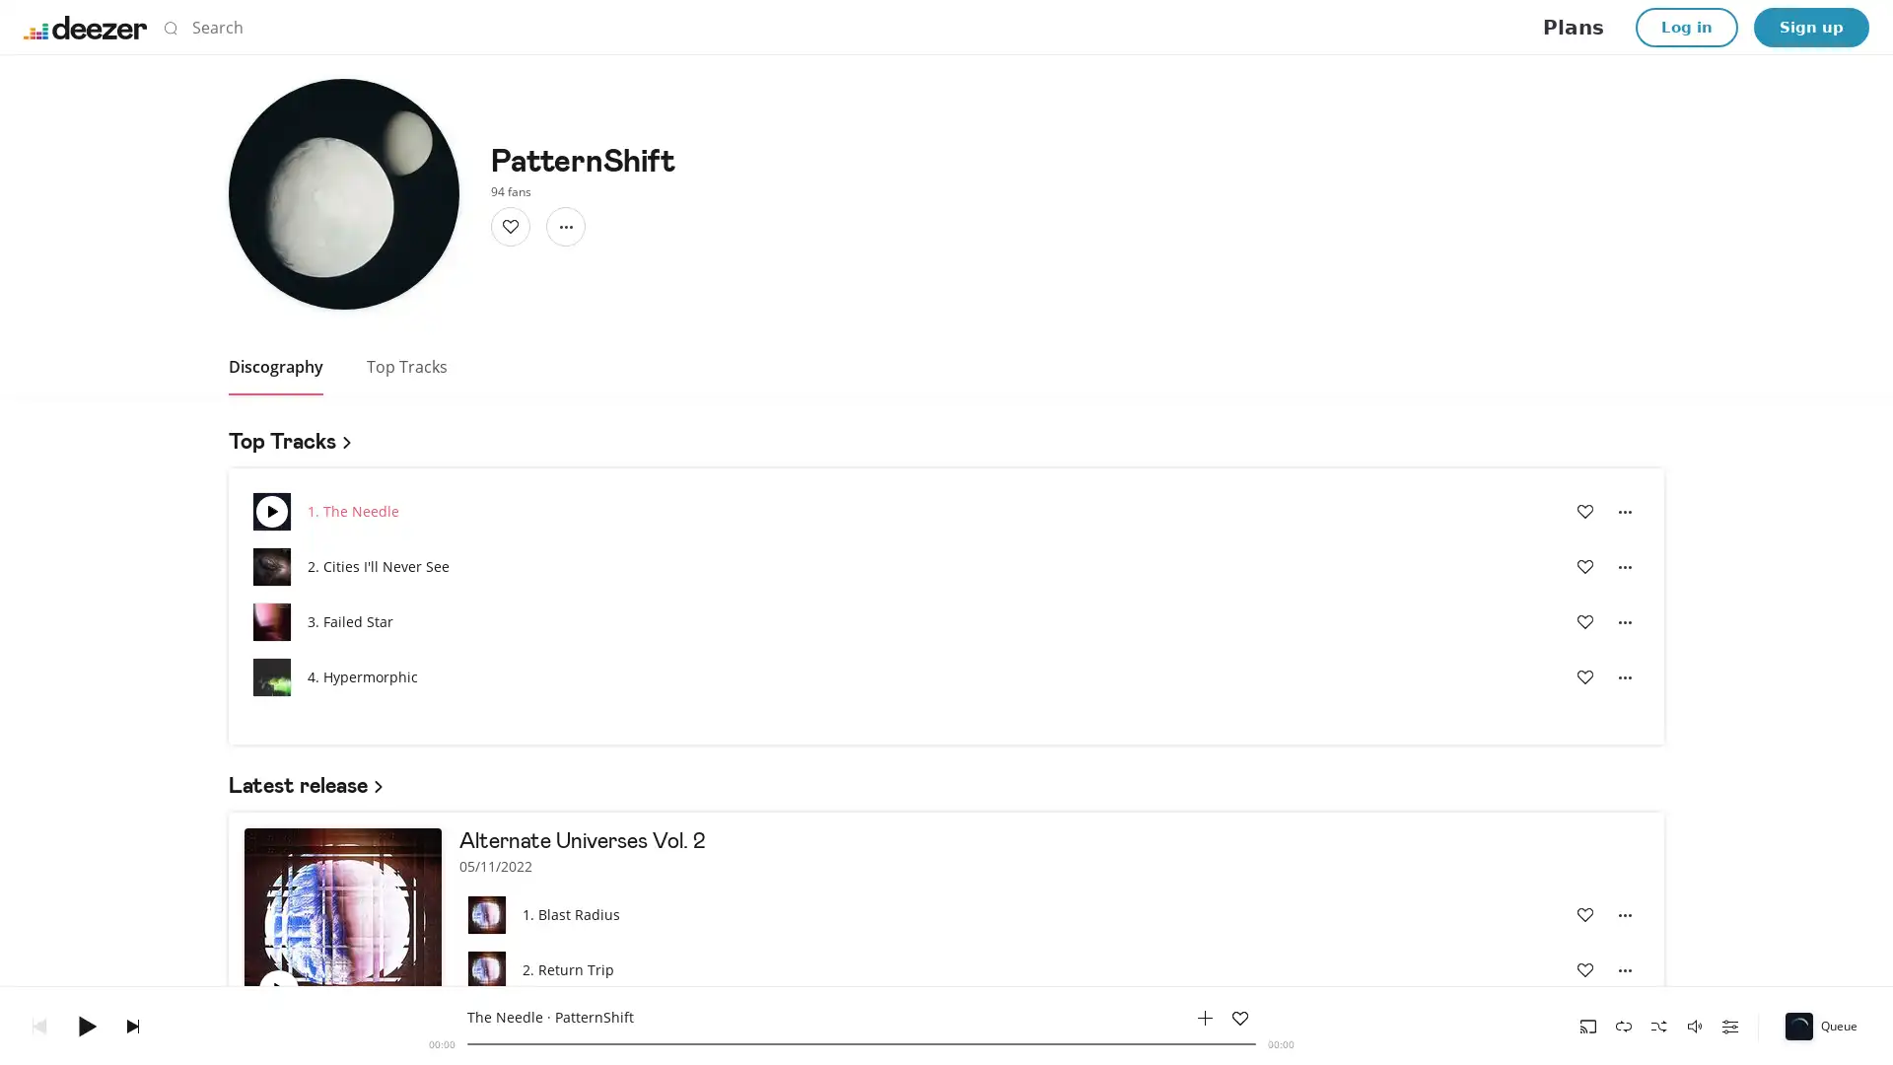 This screenshot has height=1065, width=1893. Describe the element at coordinates (1658, 1025) in the screenshot. I see `Turn on Shuffle` at that location.